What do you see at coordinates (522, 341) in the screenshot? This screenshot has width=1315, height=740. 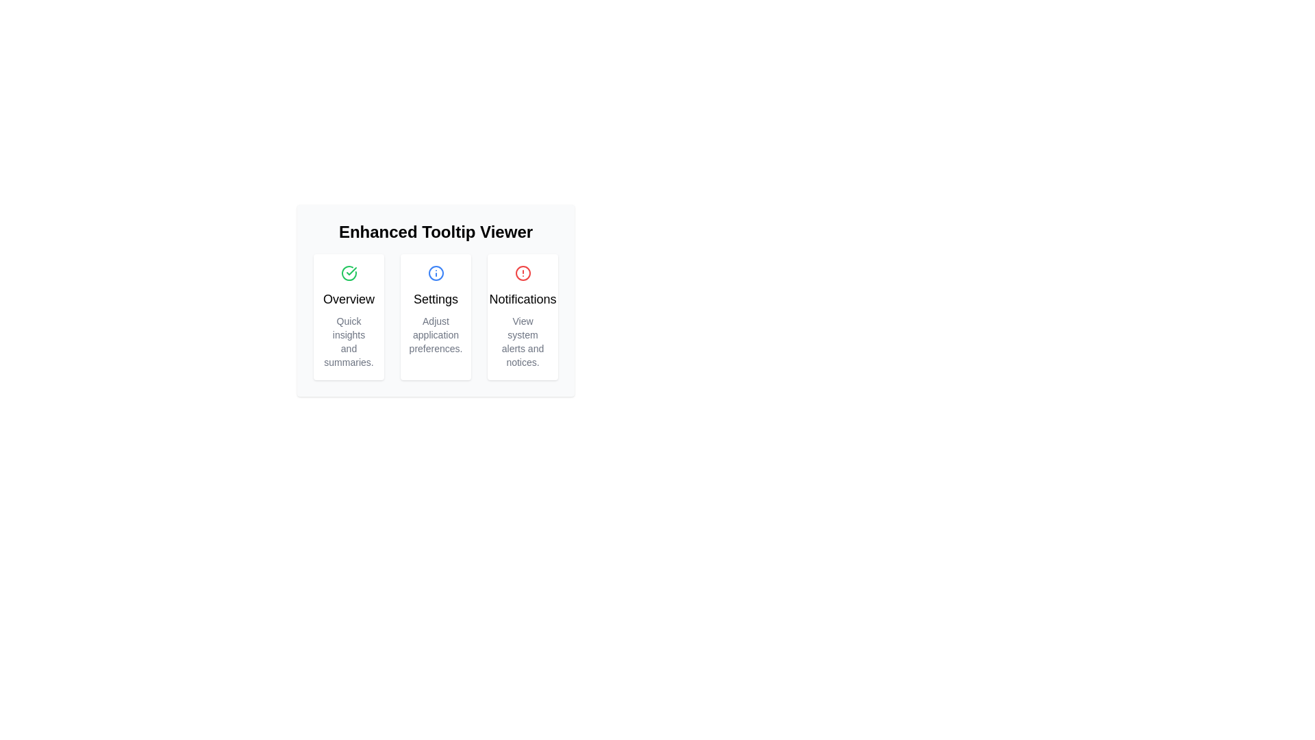 I see `the static text element that provides a brief description related to 'Notifications', located below the heading 'Notifications' in the Notifications card` at bounding box center [522, 341].